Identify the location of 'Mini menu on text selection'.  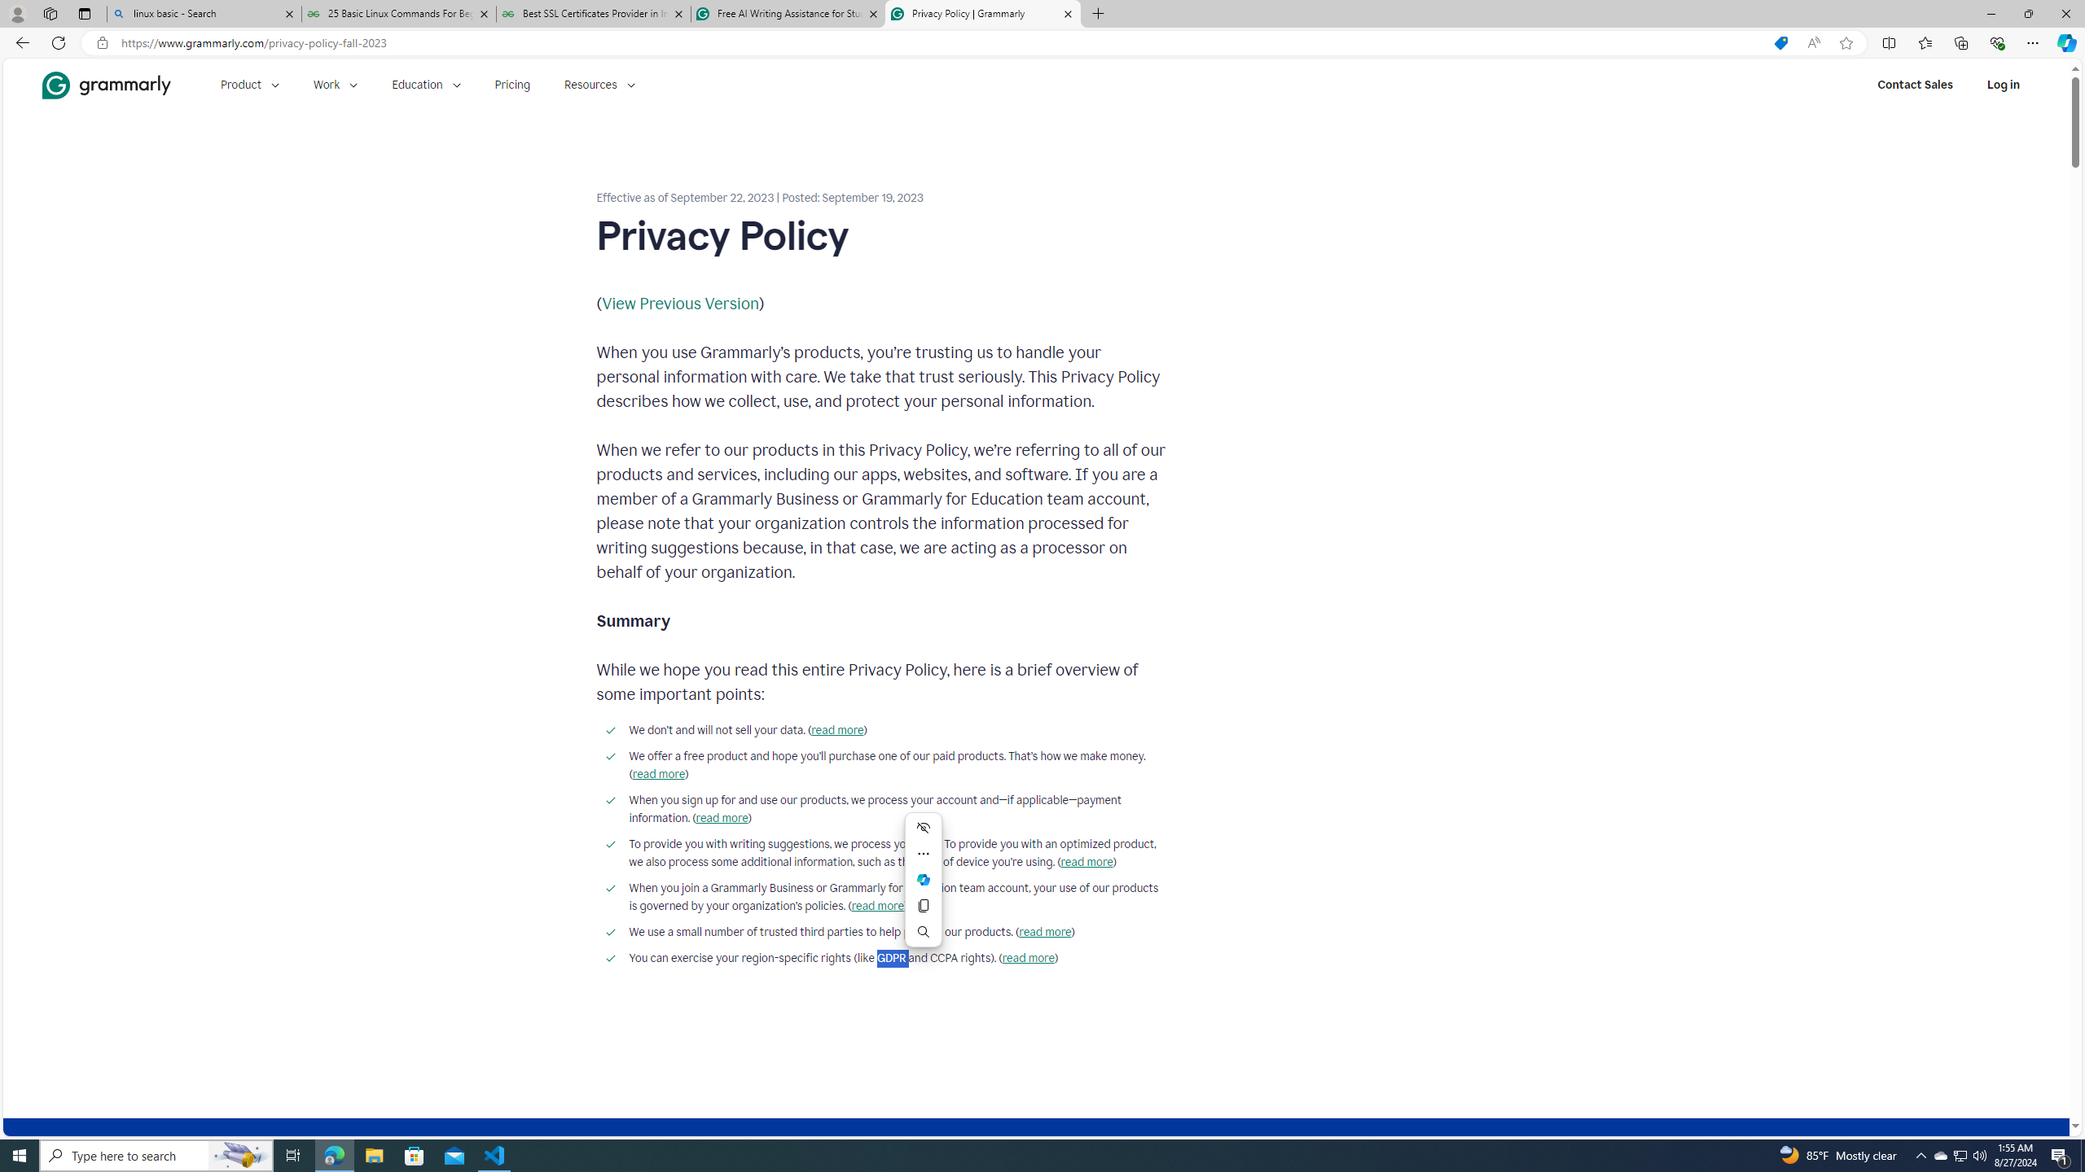
(923, 879).